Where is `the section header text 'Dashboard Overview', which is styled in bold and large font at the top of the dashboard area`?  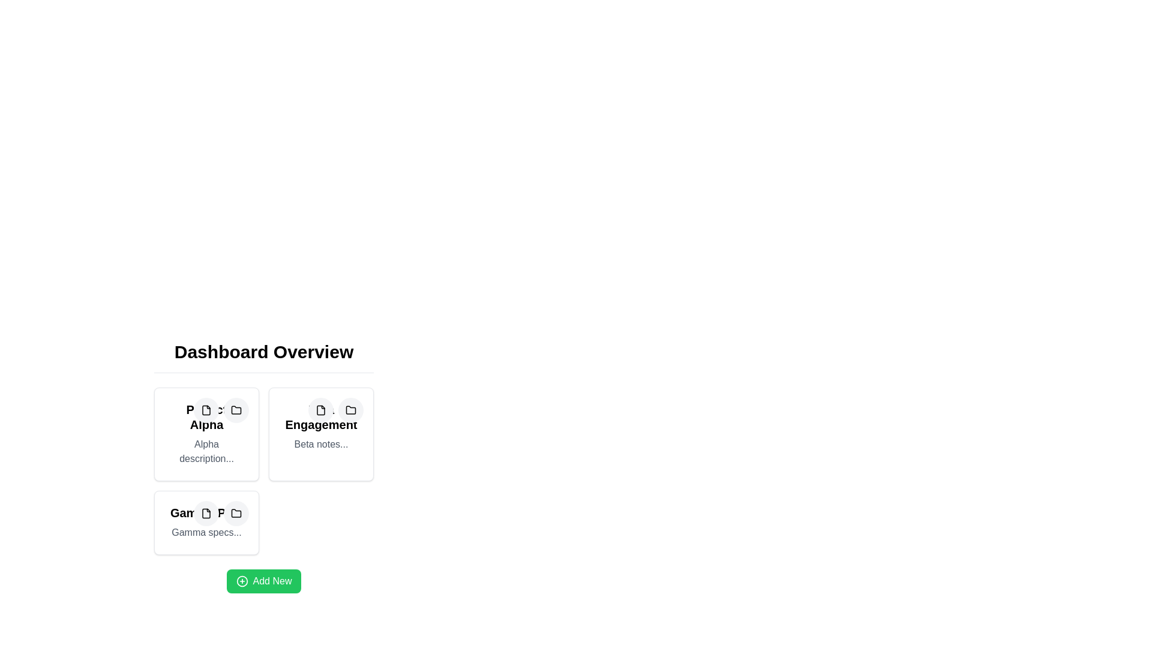 the section header text 'Dashboard Overview', which is styled in bold and large font at the top of the dashboard area is located at coordinates (263, 356).